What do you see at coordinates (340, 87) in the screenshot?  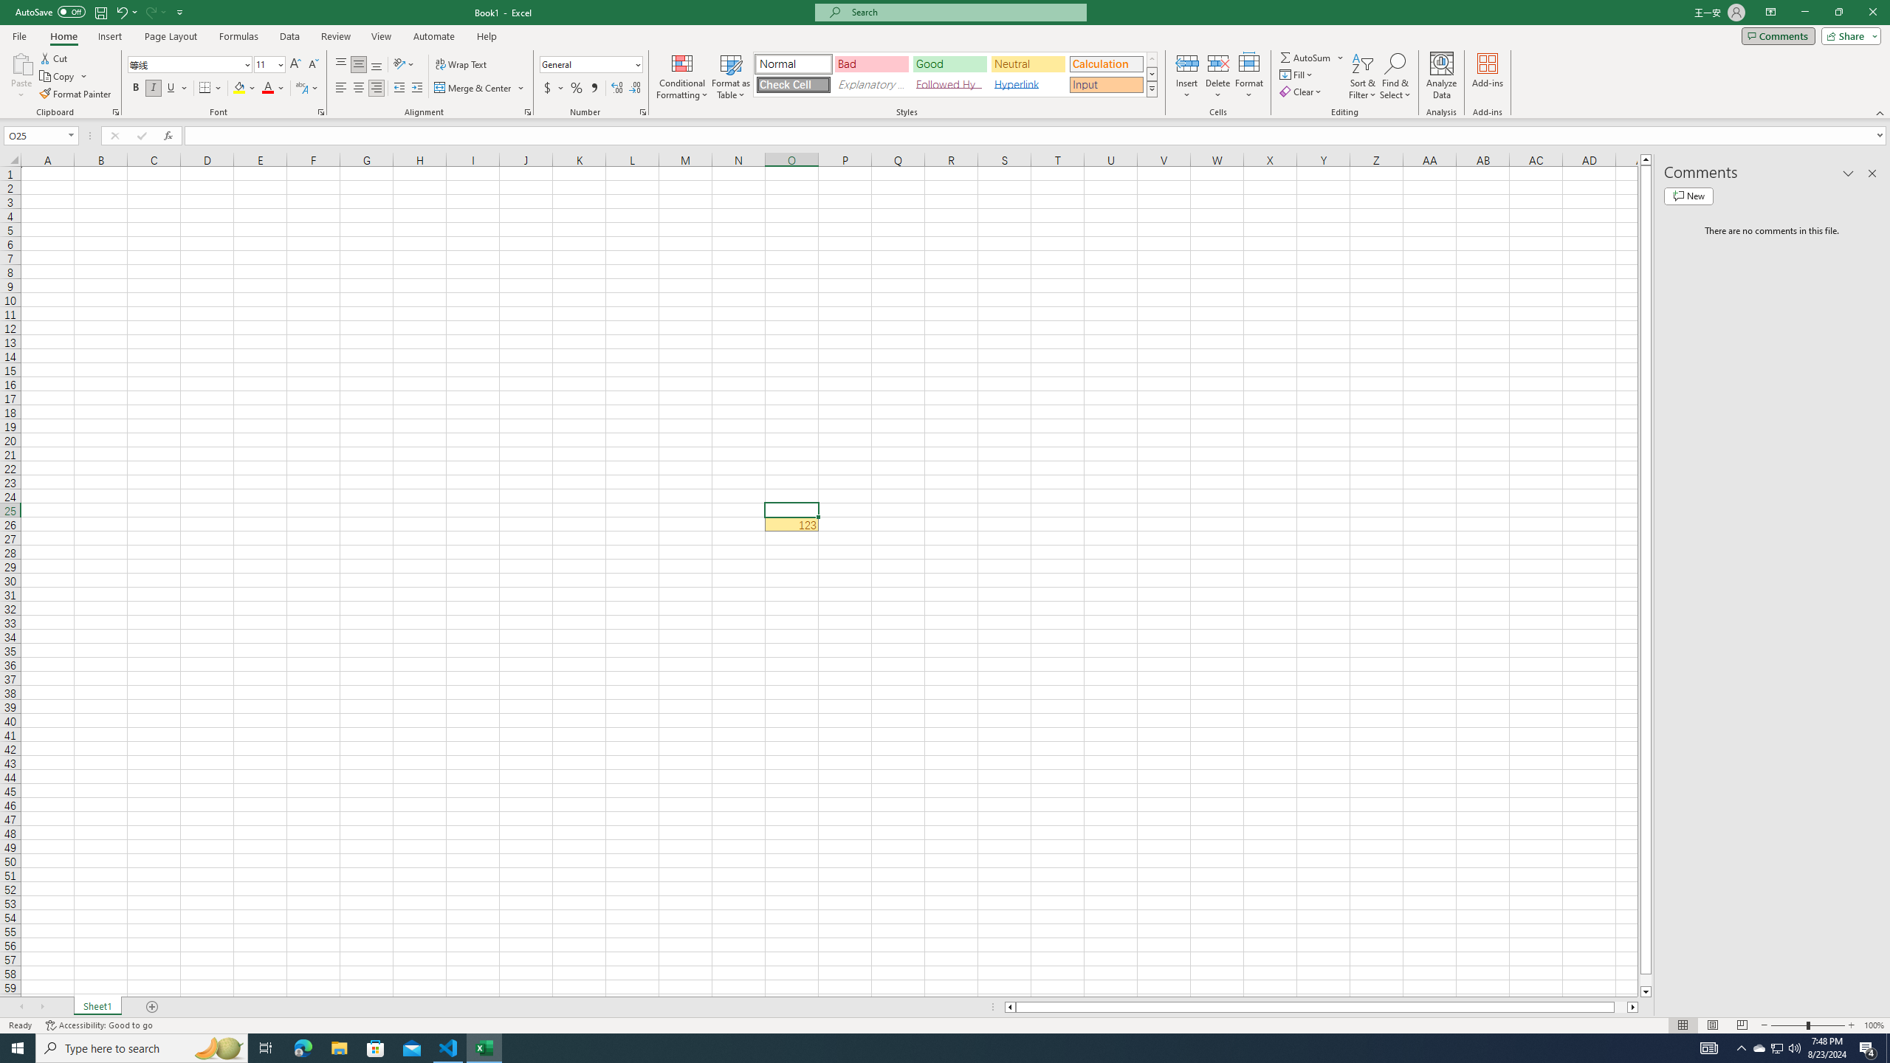 I see `'Align Left'` at bounding box center [340, 87].